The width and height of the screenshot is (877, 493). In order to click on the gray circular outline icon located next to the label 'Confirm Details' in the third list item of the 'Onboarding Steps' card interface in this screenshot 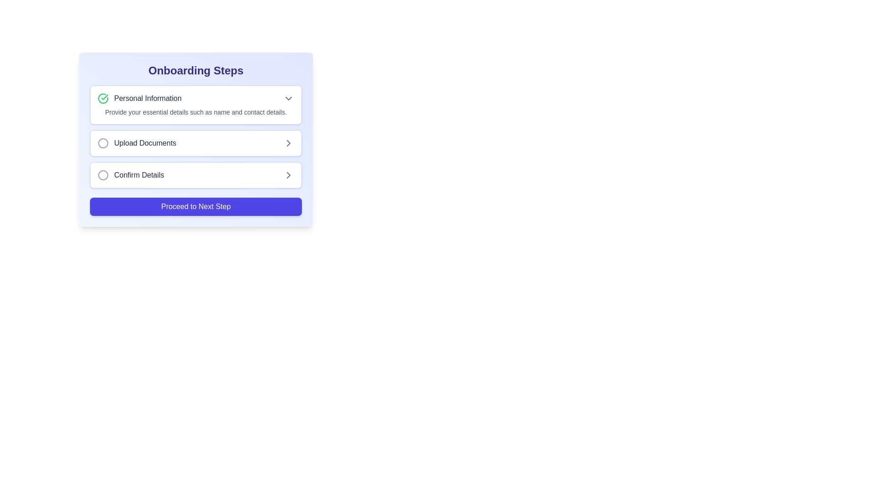, I will do `click(103, 175)`.